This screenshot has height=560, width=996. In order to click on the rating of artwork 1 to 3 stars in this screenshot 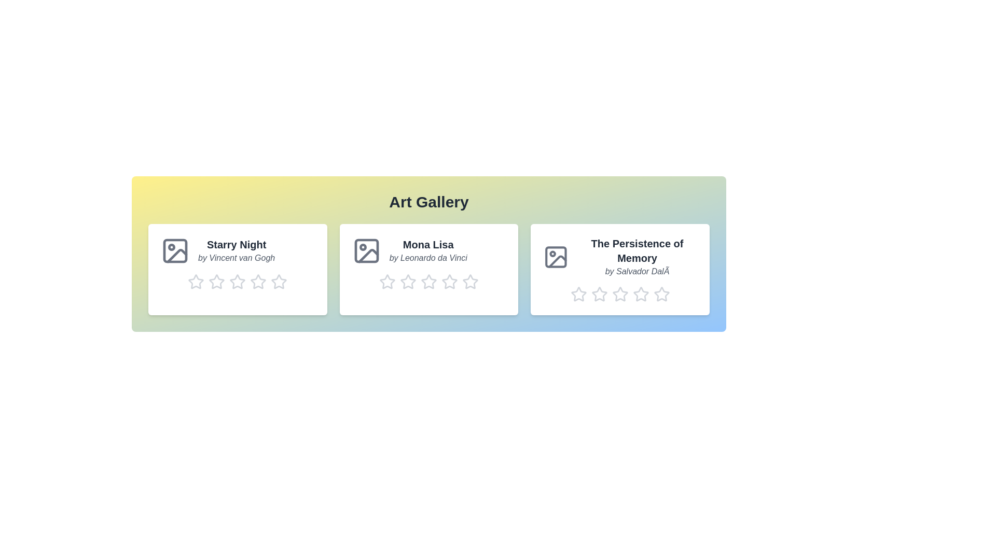, I will do `click(228, 282)`.